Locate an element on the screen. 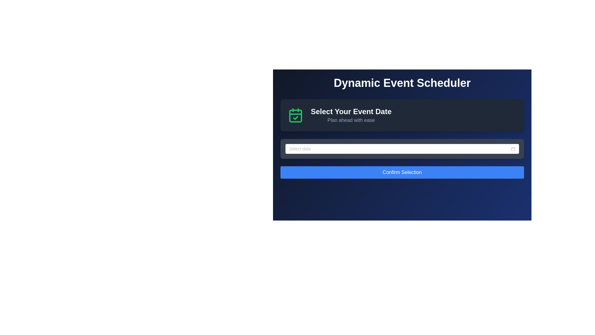 The height and width of the screenshot is (335, 595). the dark blue rounded square component within the calendar icon, located in the top left section adjacent to the headline 'Select Your Event Date' is located at coordinates (295, 116).